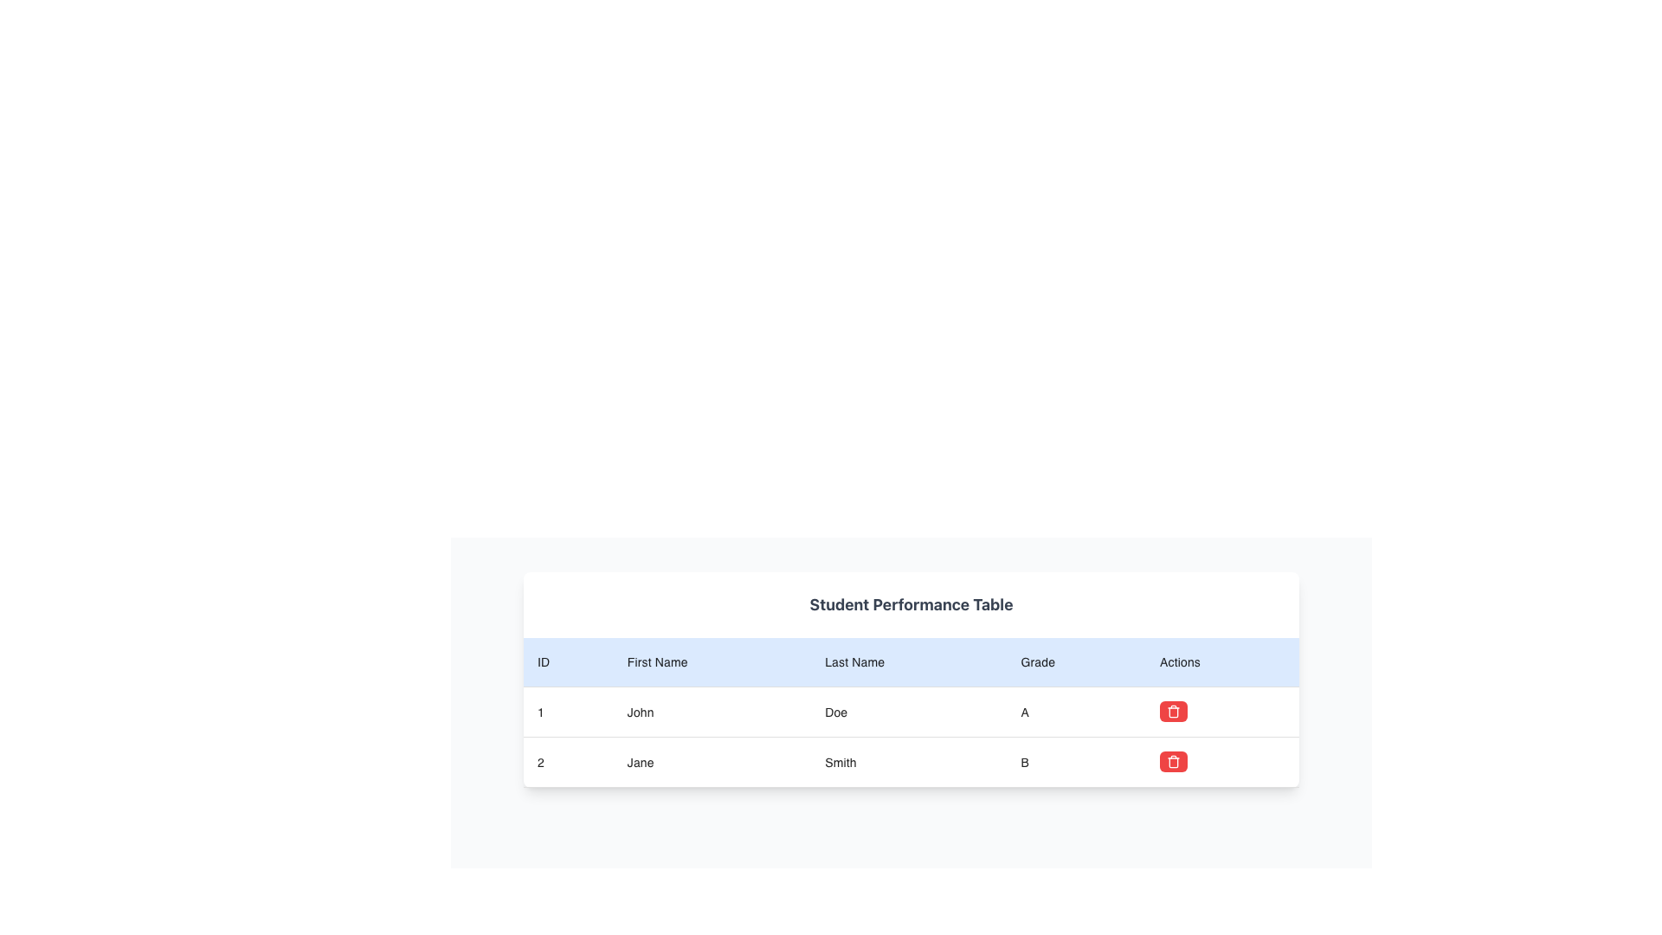 This screenshot has height=935, width=1662. What do you see at coordinates (910, 760) in the screenshot?
I see `the cell in the second row of the table` at bounding box center [910, 760].